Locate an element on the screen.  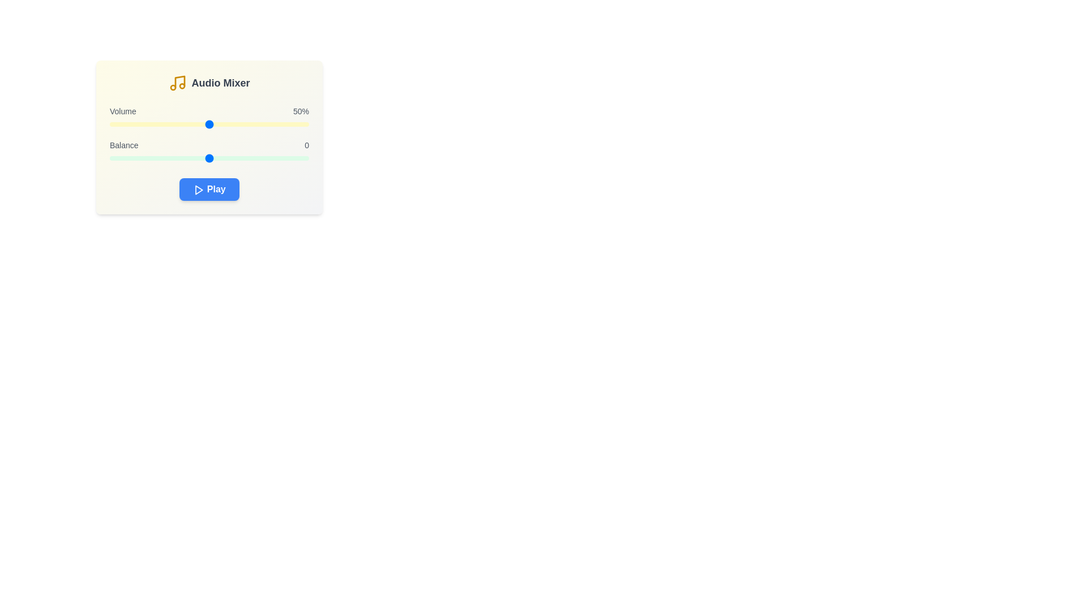
the play icon on the blue button at the bottom of the 'Audio Mixer' interface panel is located at coordinates (199, 189).